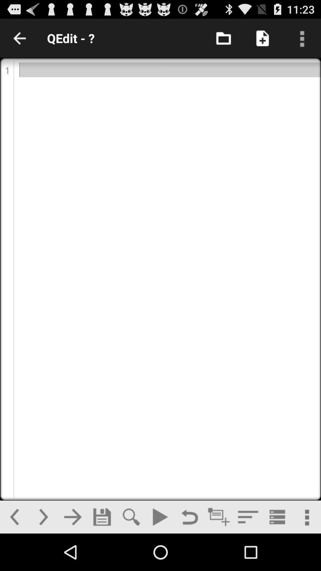 This screenshot has width=321, height=571. Describe the element at coordinates (160, 553) in the screenshot. I see `the play icon` at that location.